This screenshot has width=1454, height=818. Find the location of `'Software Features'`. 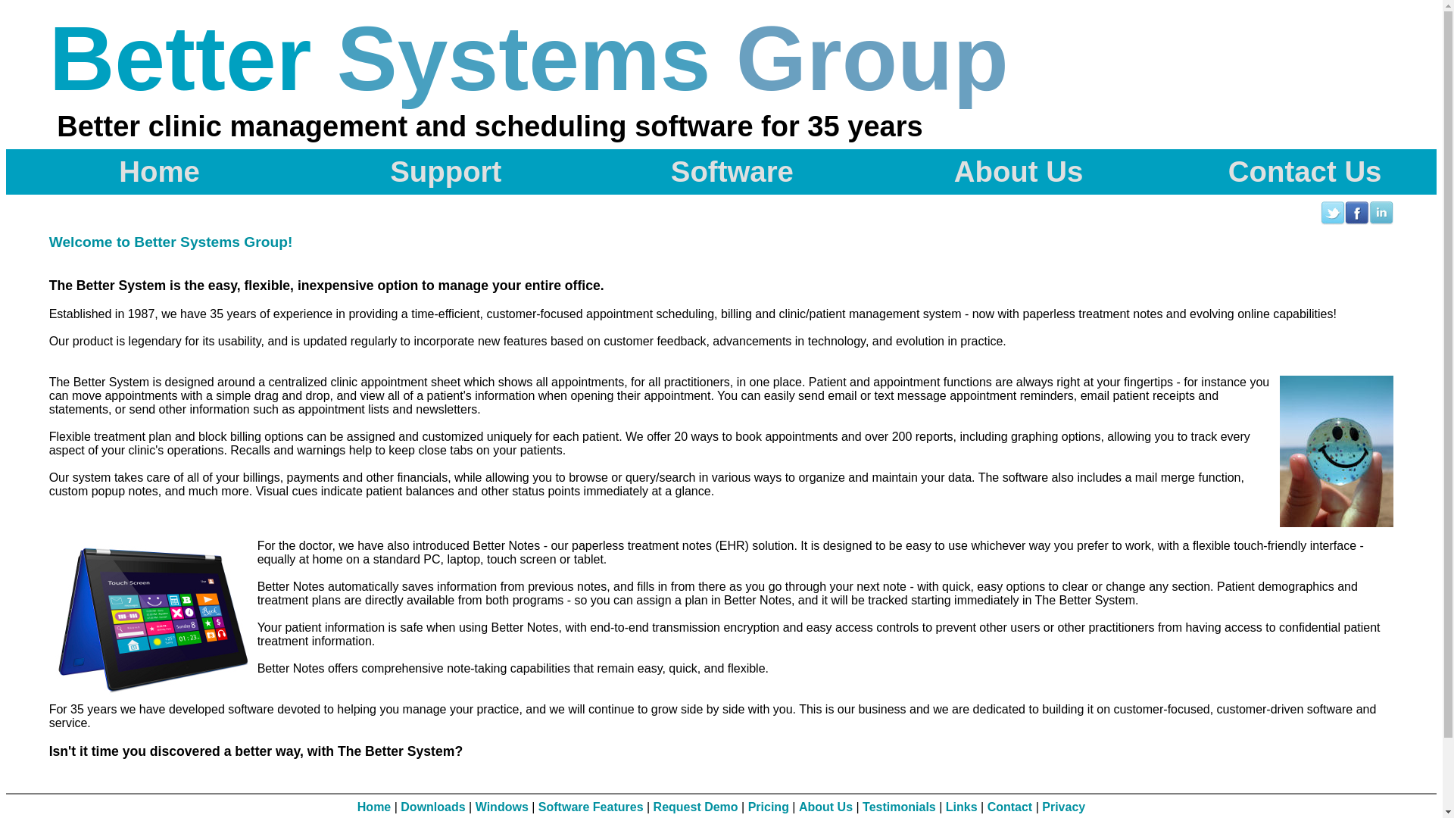

'Software Features' is located at coordinates (590, 806).